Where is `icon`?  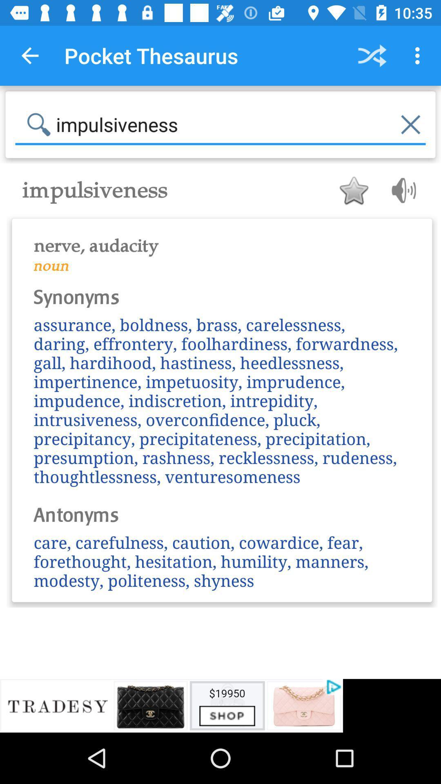 icon is located at coordinates (353, 190).